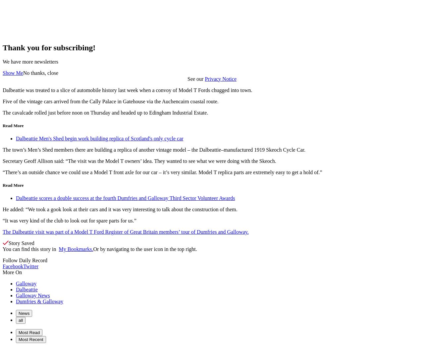 The image size is (424, 345). I want to click on '“It was very kind of the club to look out for spare parts for us.”', so click(69, 221).